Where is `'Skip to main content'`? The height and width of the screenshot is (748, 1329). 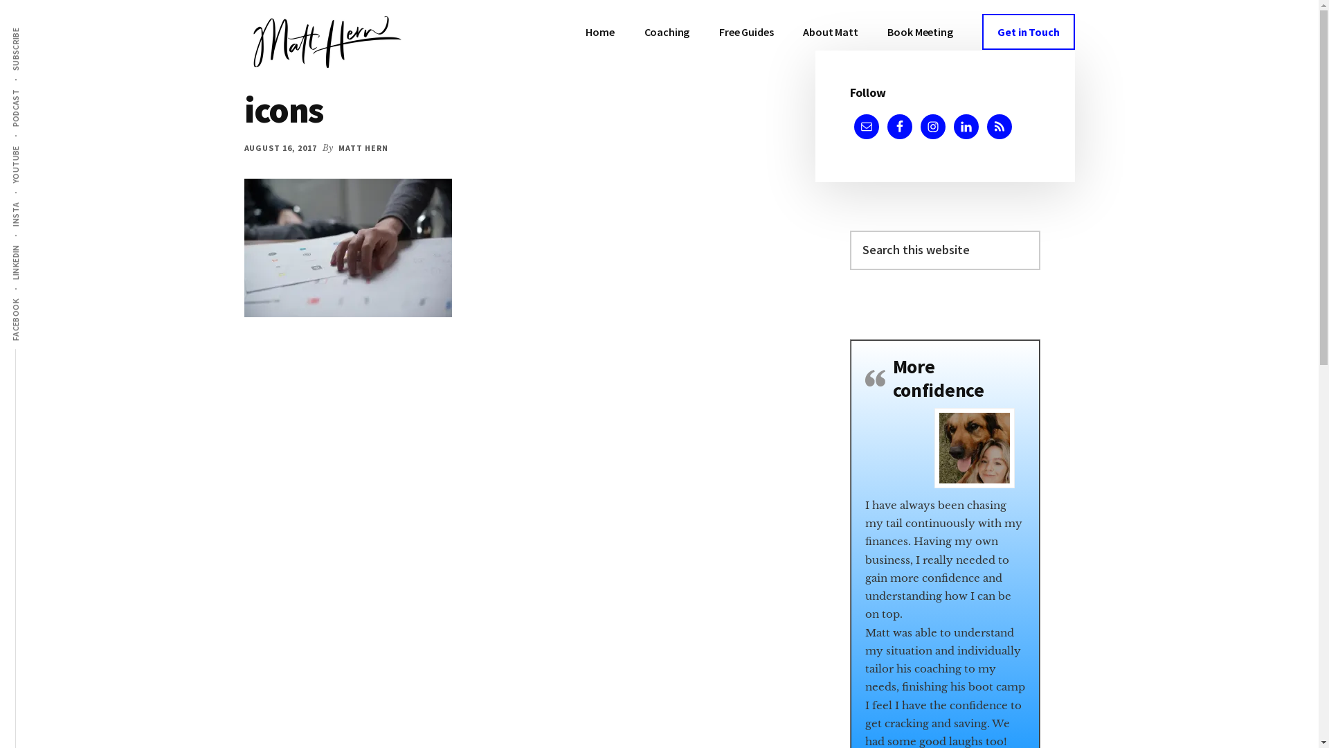 'Skip to main content' is located at coordinates (0, 0).